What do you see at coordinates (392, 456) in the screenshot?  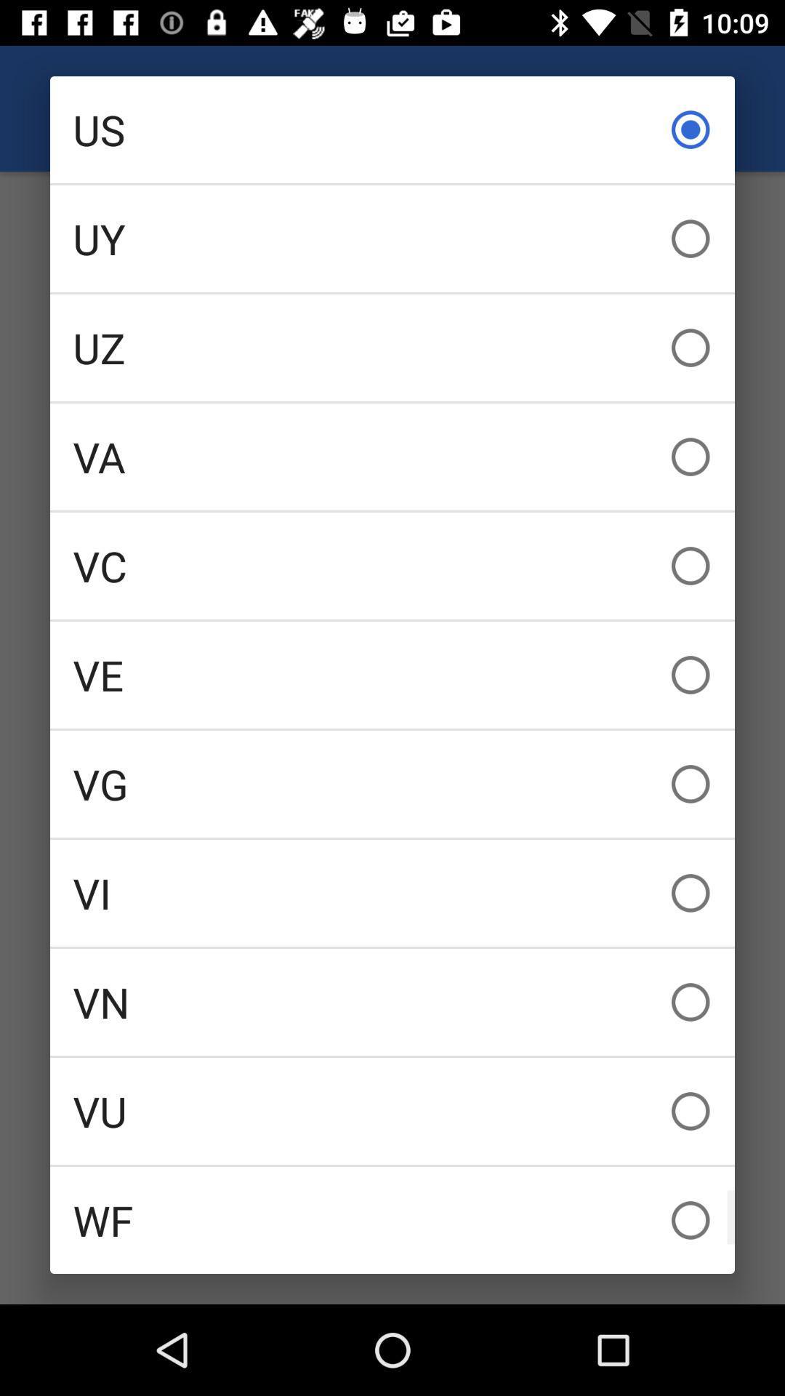 I see `item above the vc item` at bounding box center [392, 456].